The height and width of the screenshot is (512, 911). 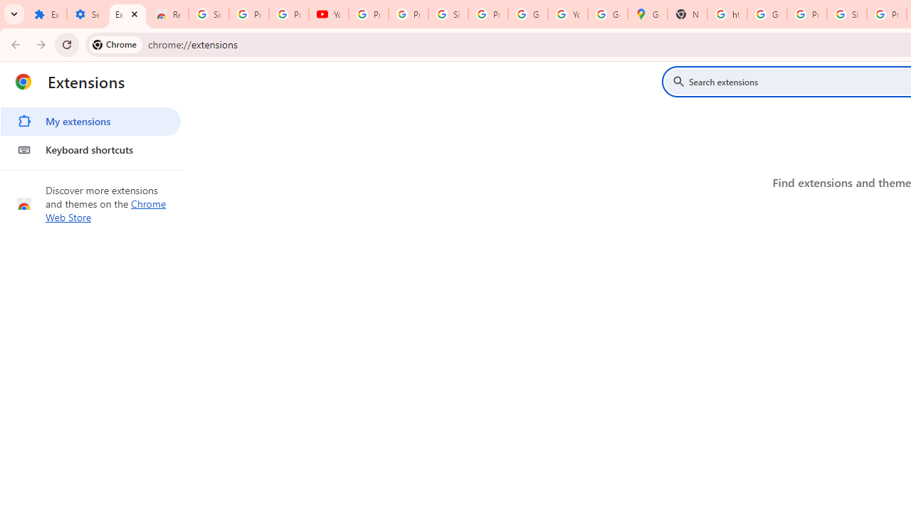 What do you see at coordinates (127, 14) in the screenshot?
I see `'Extensions'` at bounding box center [127, 14].